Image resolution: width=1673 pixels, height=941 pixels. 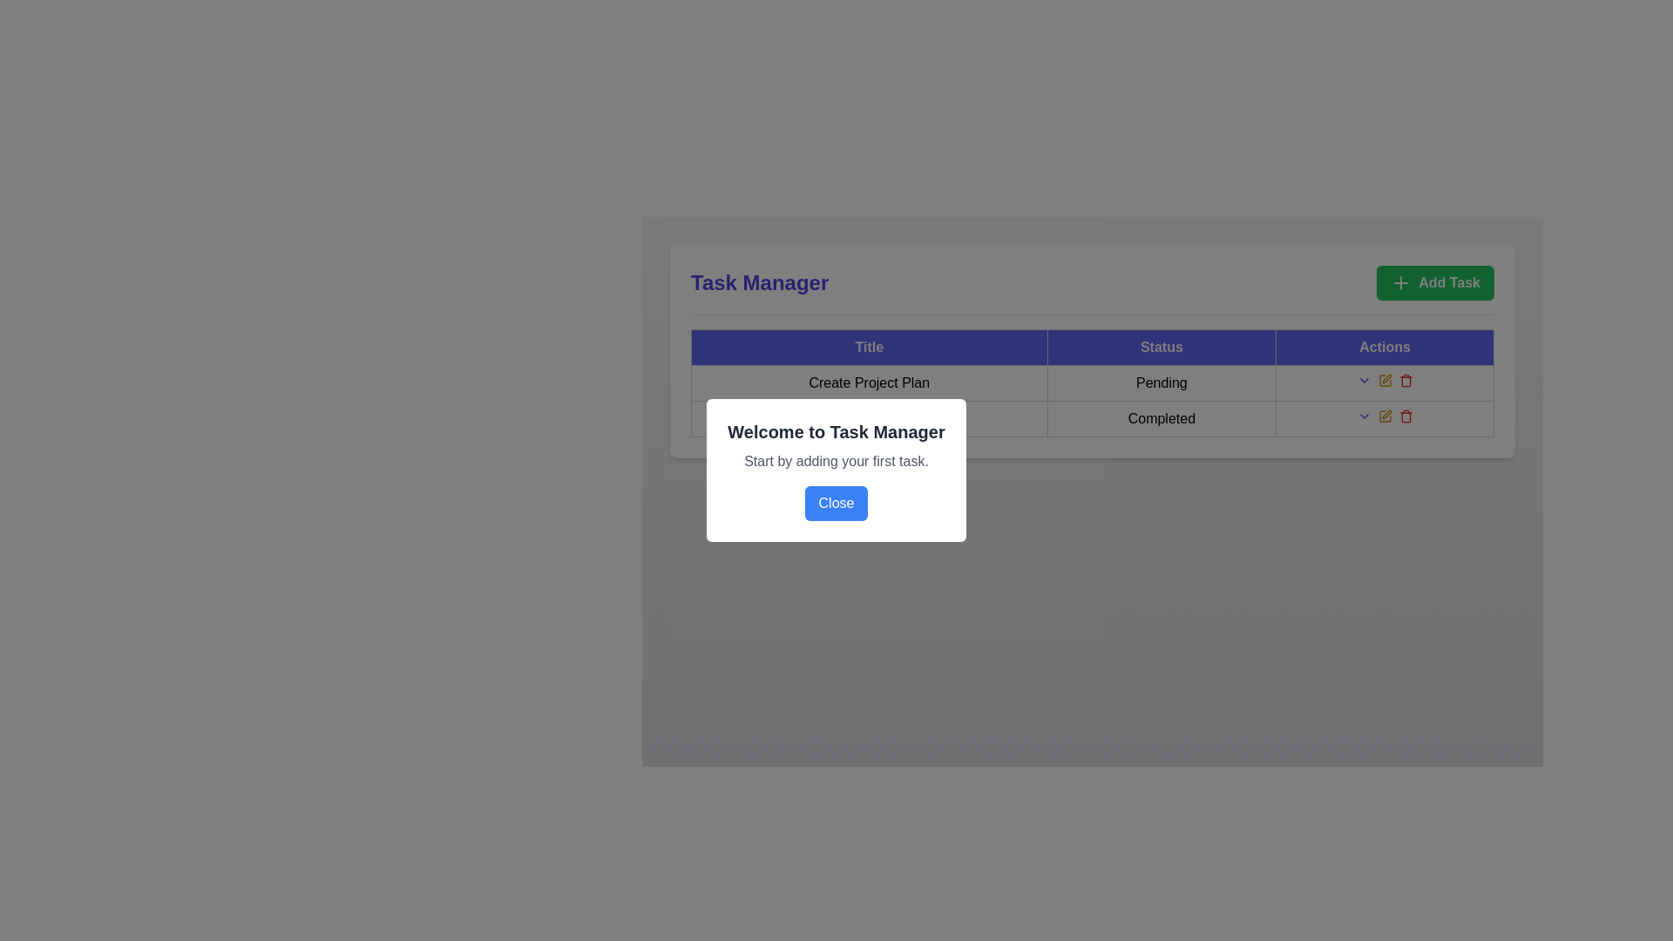 I want to click on the 'Status' column header in the table, which is the second column header located between the 'Title' and 'Actions' headers, so click(x=1162, y=347).